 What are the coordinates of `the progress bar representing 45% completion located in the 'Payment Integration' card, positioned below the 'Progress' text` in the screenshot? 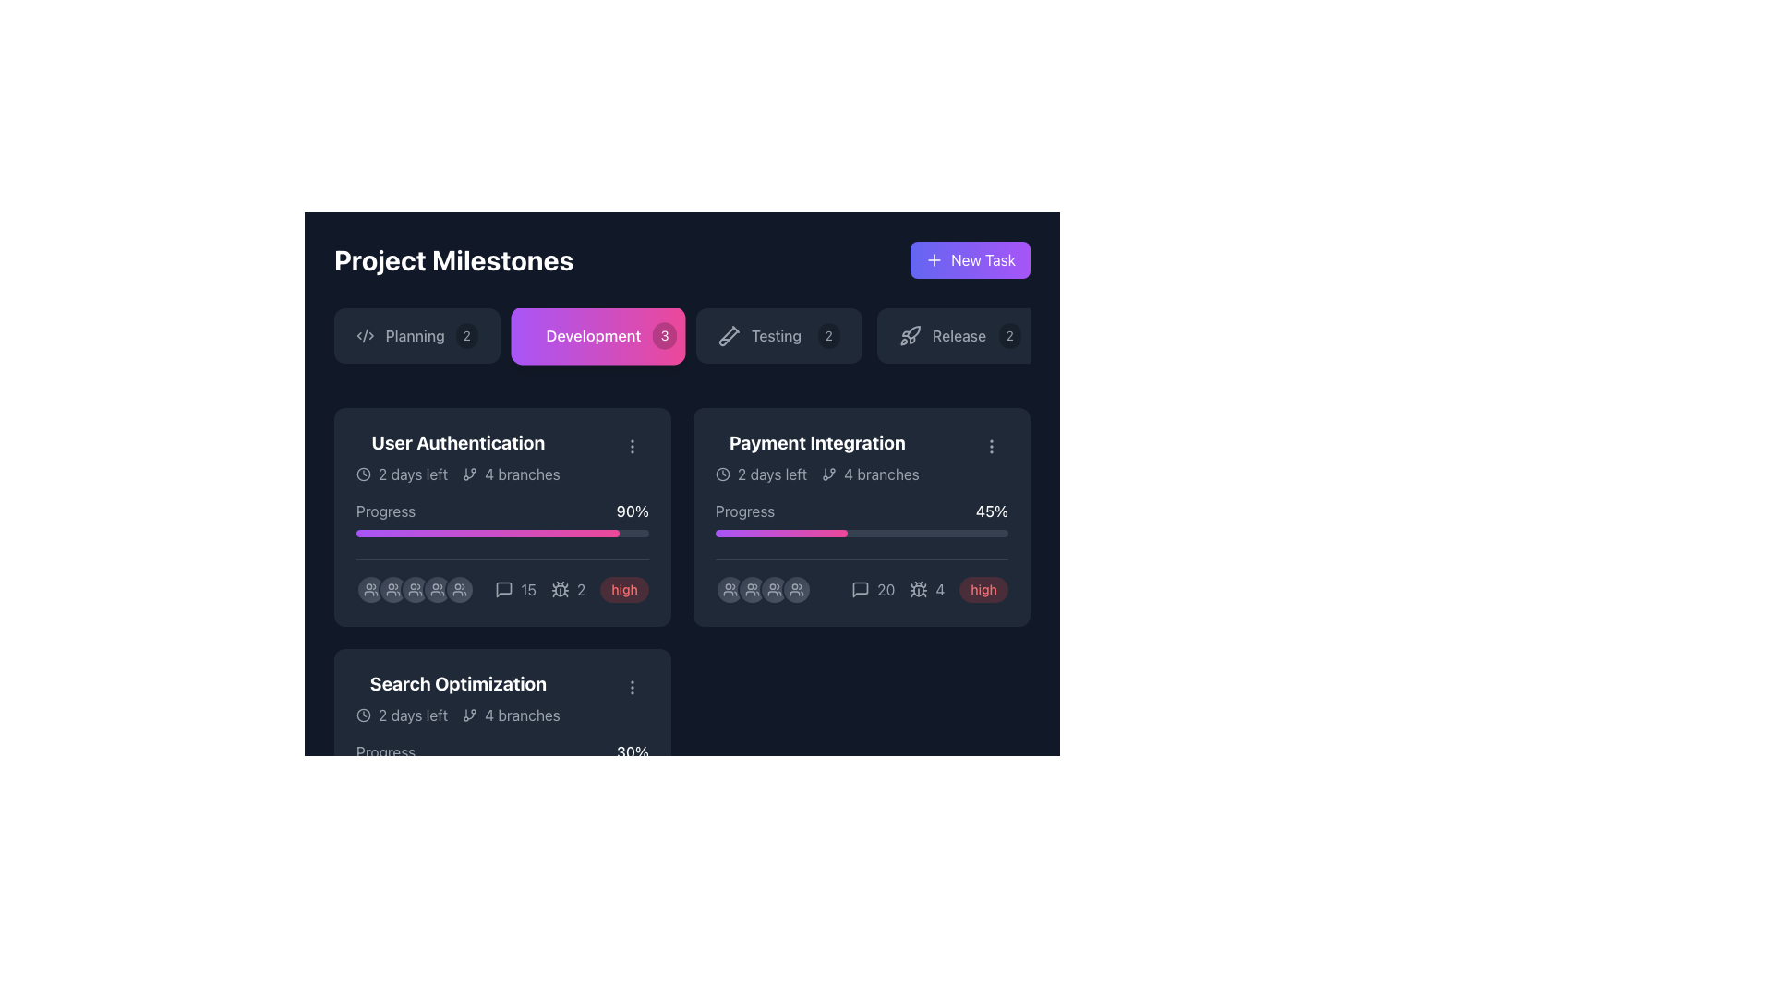 It's located at (861, 534).